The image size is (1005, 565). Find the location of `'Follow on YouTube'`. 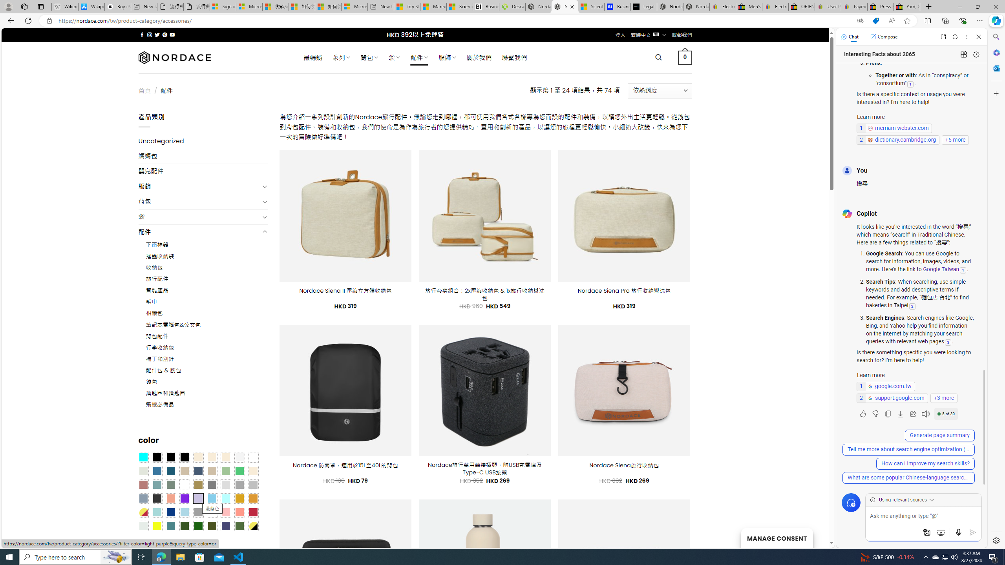

'Follow on YouTube' is located at coordinates (172, 35).